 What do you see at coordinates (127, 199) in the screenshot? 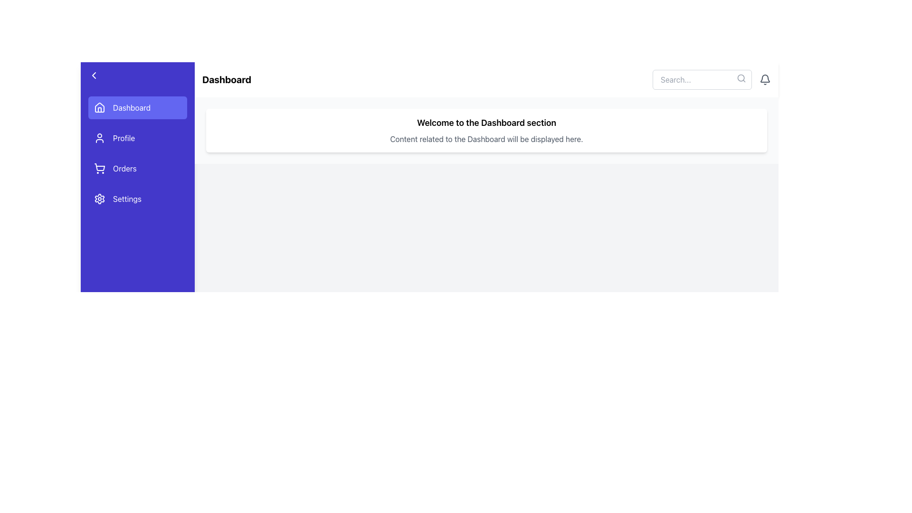
I see `the text label in the sidebar that indicates the settings menu, located immediately after the gear icon` at bounding box center [127, 199].